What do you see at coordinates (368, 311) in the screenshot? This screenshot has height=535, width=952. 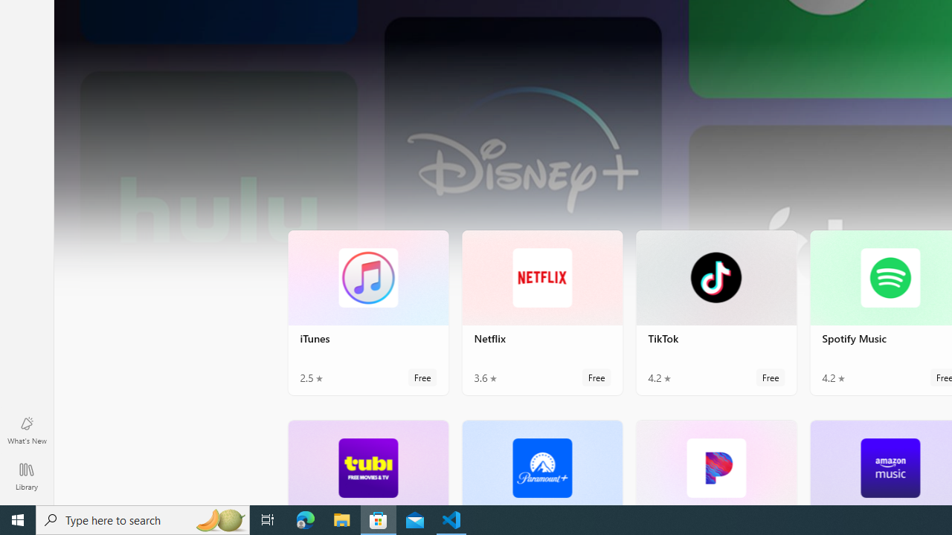 I see `'iTunes. Average rating of 2.5 out of five stars. Free  '` at bounding box center [368, 311].